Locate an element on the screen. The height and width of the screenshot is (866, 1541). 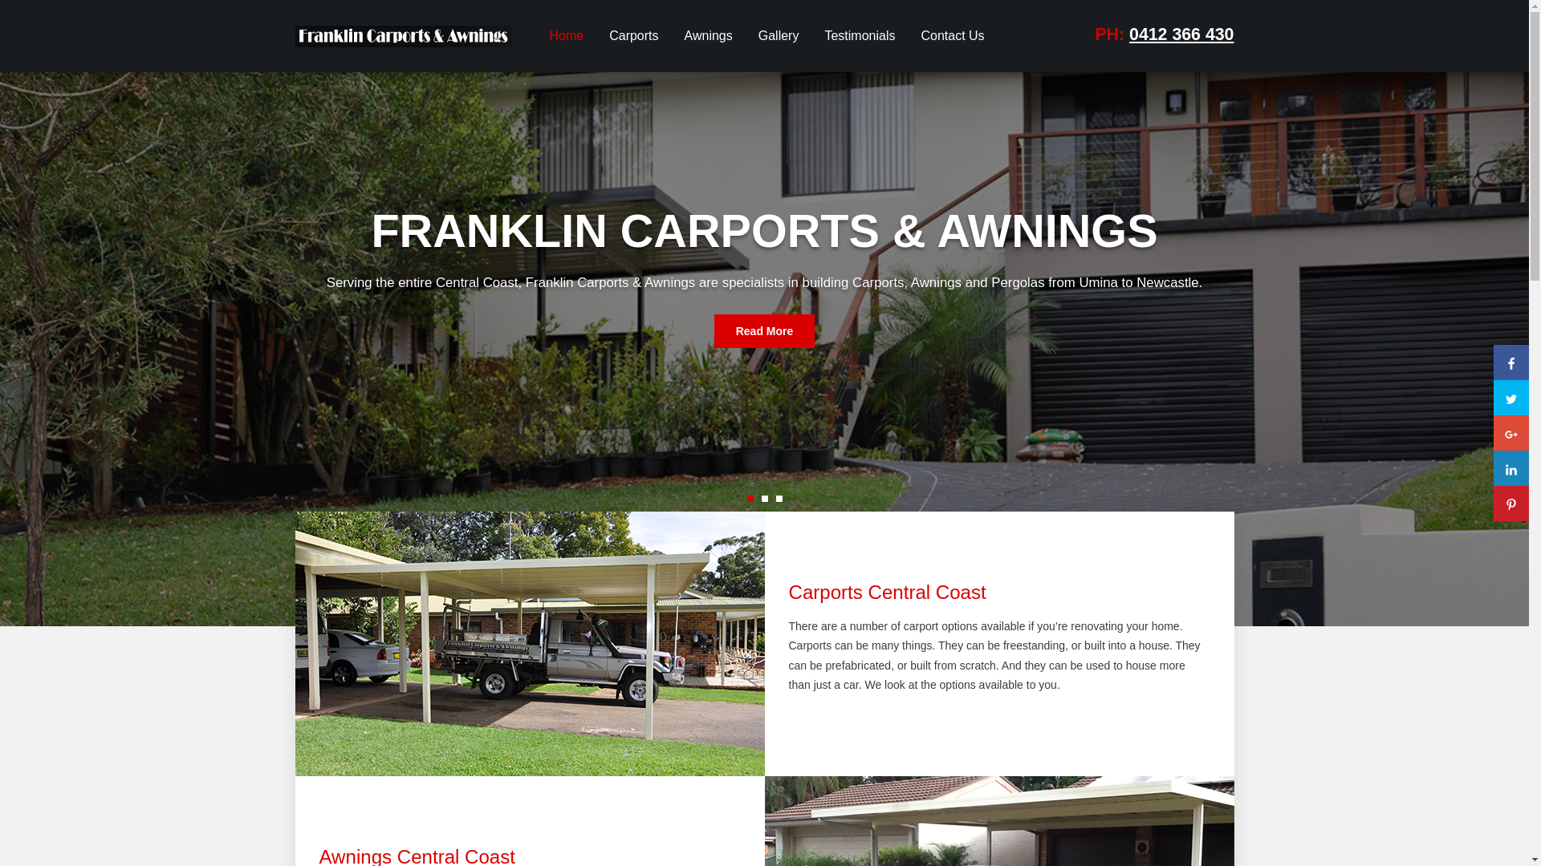
'Testimonials' is located at coordinates (858, 36).